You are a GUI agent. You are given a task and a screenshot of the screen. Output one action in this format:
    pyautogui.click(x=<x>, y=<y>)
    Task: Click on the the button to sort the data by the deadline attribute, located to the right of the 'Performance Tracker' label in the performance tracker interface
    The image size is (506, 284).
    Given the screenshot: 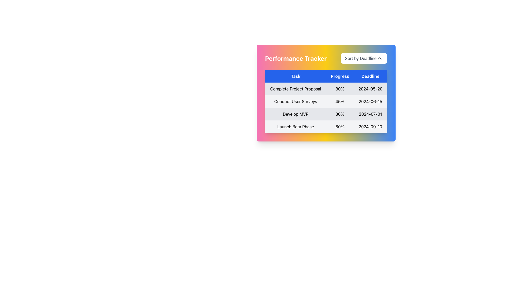 What is the action you would take?
    pyautogui.click(x=364, y=58)
    